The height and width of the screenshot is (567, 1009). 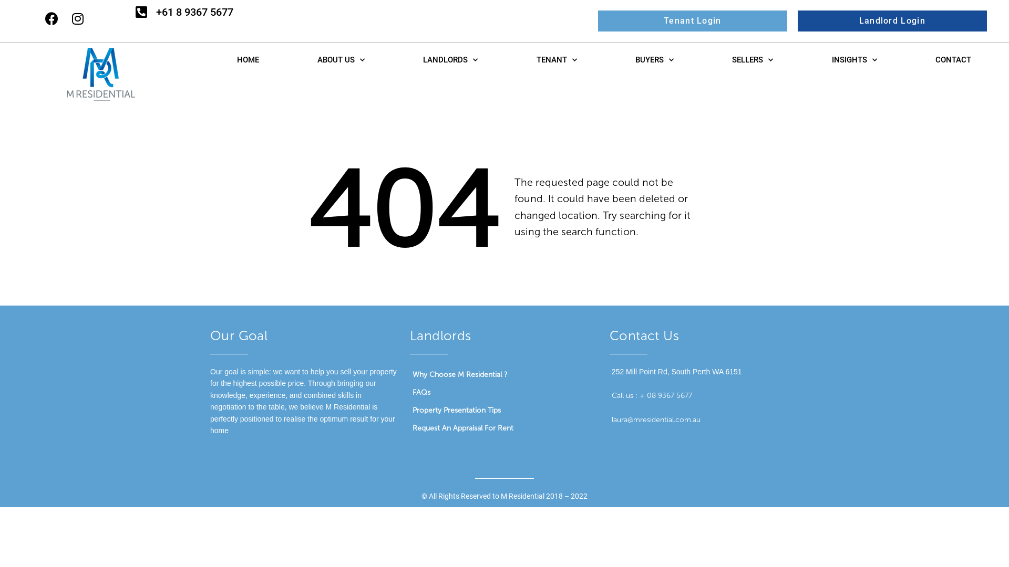 I want to click on '+61 8 9367 5677', so click(x=155, y=12).